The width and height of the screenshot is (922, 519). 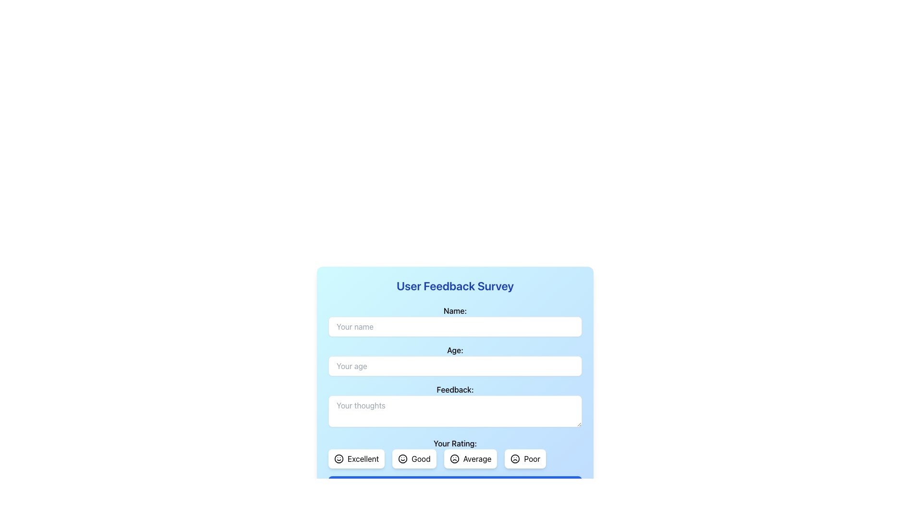 What do you see at coordinates (525, 458) in the screenshot?
I see `the 'Poor' rating button, which is the fourth and rightmost button in the series of four buttons labeled 'Excellent', 'Good', 'Average', and 'Poor' on the survey feedback form` at bounding box center [525, 458].